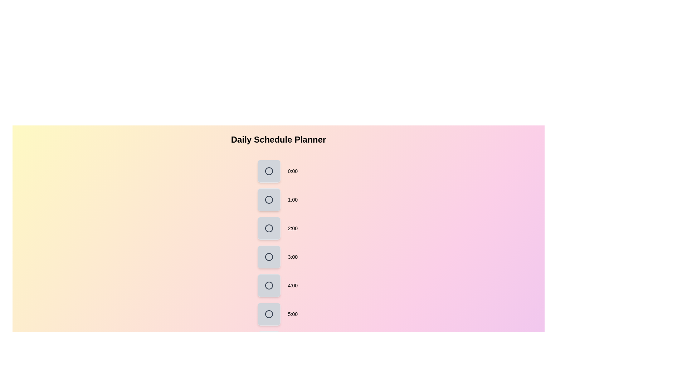  Describe the element at coordinates (269, 200) in the screenshot. I see `the hour block corresponding to 1:00` at that location.